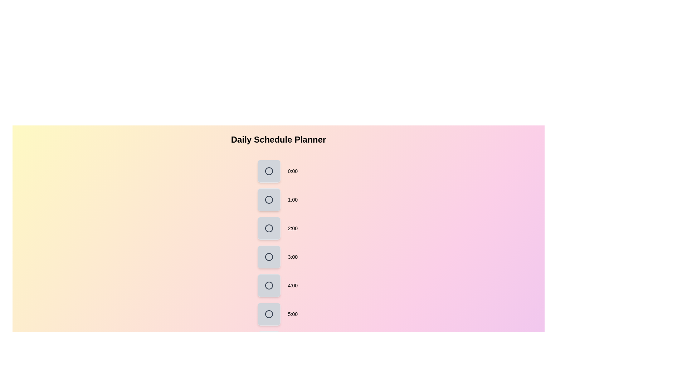  Describe the element at coordinates (269, 200) in the screenshot. I see `the hour block corresponding to 1:00` at that location.